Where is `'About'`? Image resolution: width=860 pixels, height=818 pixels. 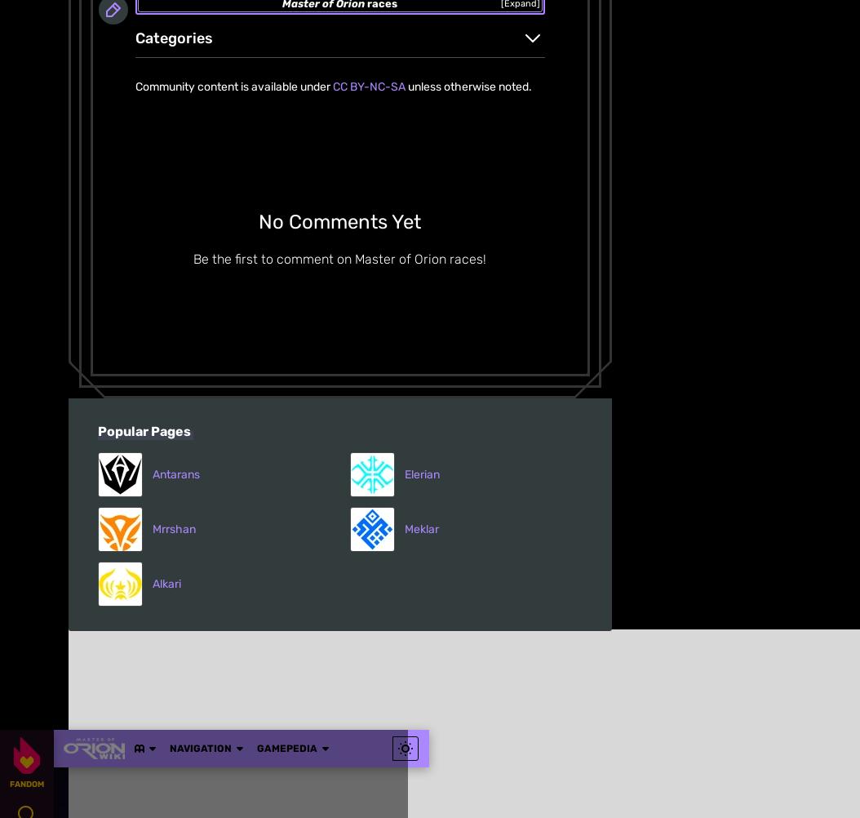
'About' is located at coordinates (82, 280).